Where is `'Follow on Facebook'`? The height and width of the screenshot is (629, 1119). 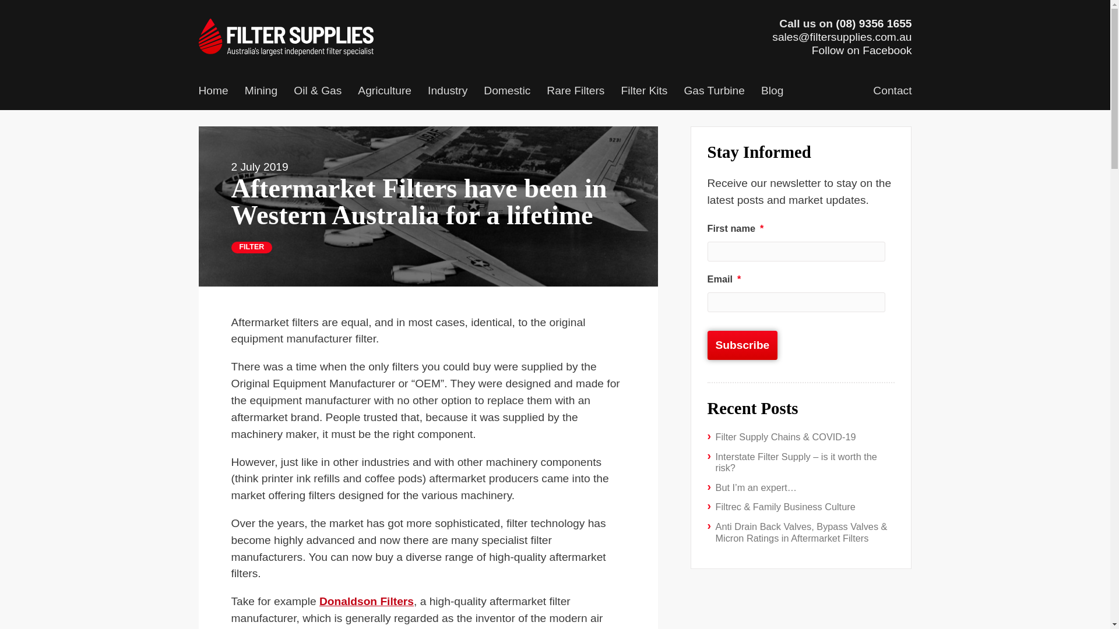 'Follow on Facebook' is located at coordinates (861, 50).